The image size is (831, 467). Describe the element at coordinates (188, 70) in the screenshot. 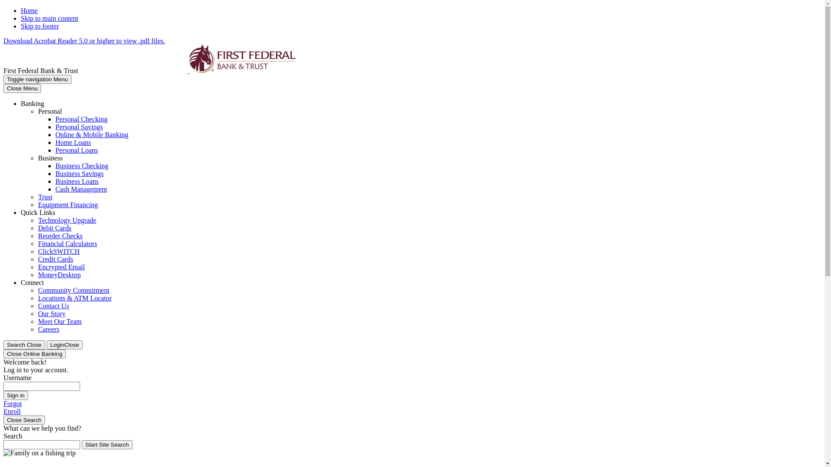

I see `'First Federal Bank & Trust, Sheridan, WY'` at that location.